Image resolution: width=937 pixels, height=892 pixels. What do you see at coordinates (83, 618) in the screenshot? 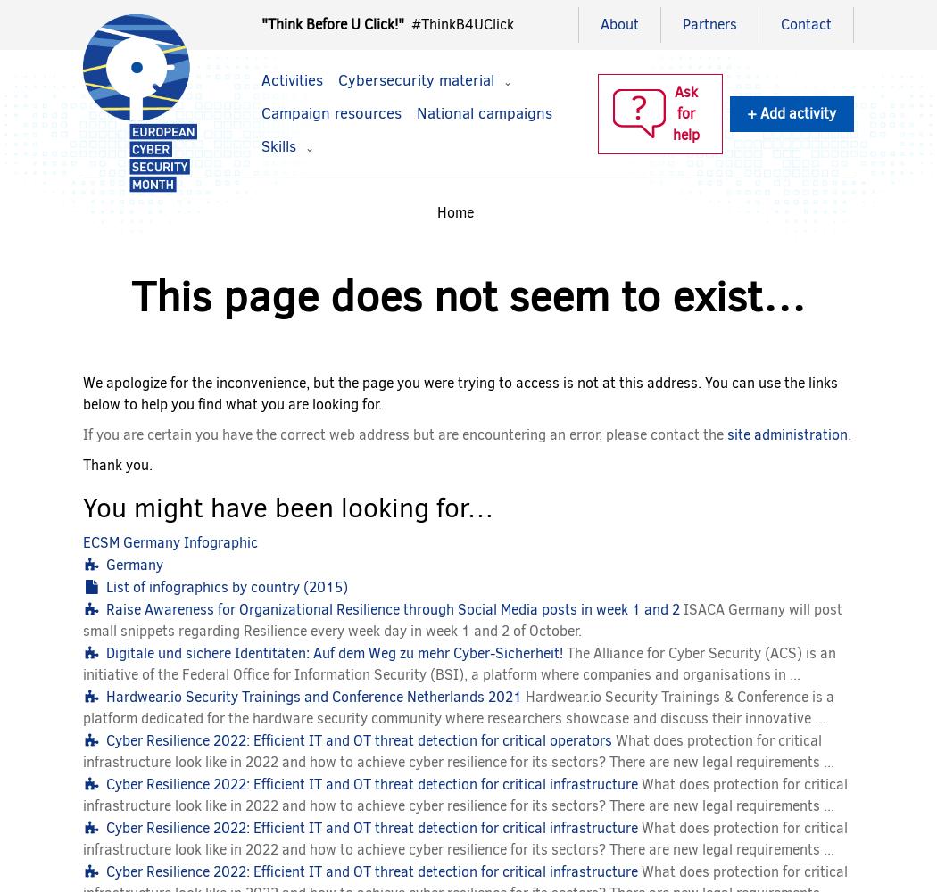
I see `'ISACA Germany will post small snippets regarding Resilience every week day in week 1 and 2 of October.'` at bounding box center [83, 618].